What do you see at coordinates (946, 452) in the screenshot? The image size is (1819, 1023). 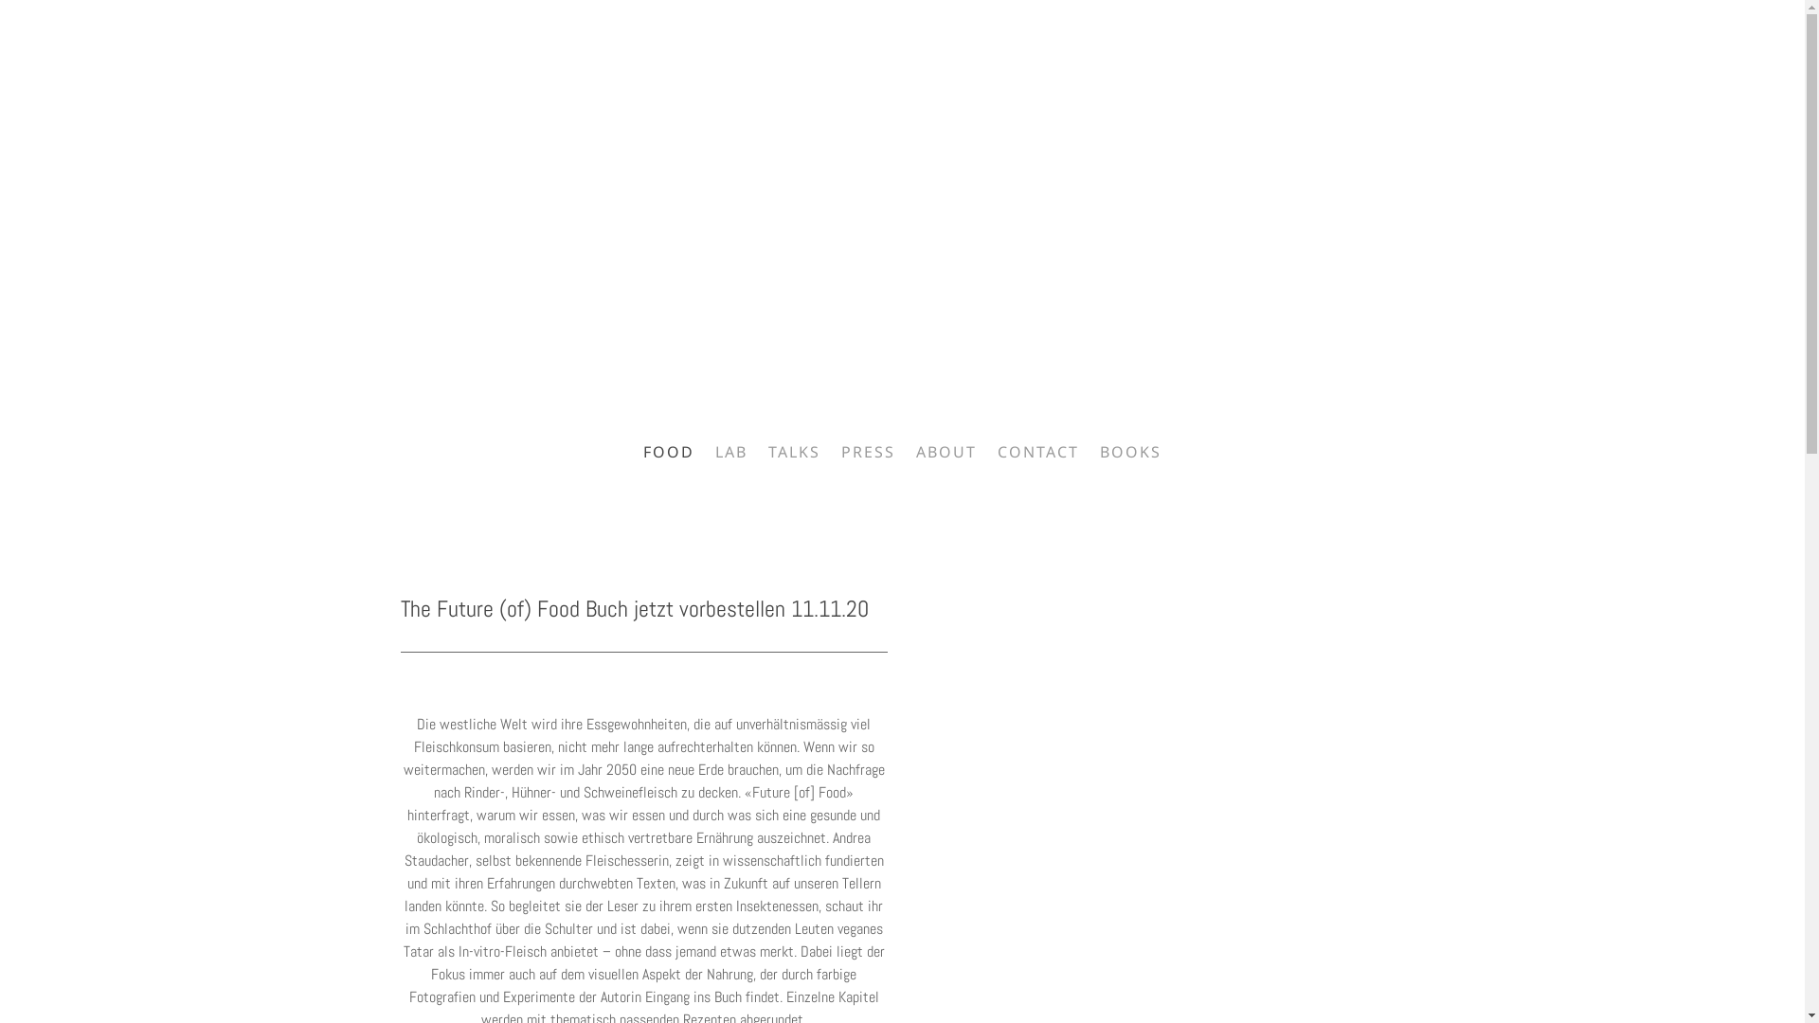 I see `'ABOUT'` at bounding box center [946, 452].